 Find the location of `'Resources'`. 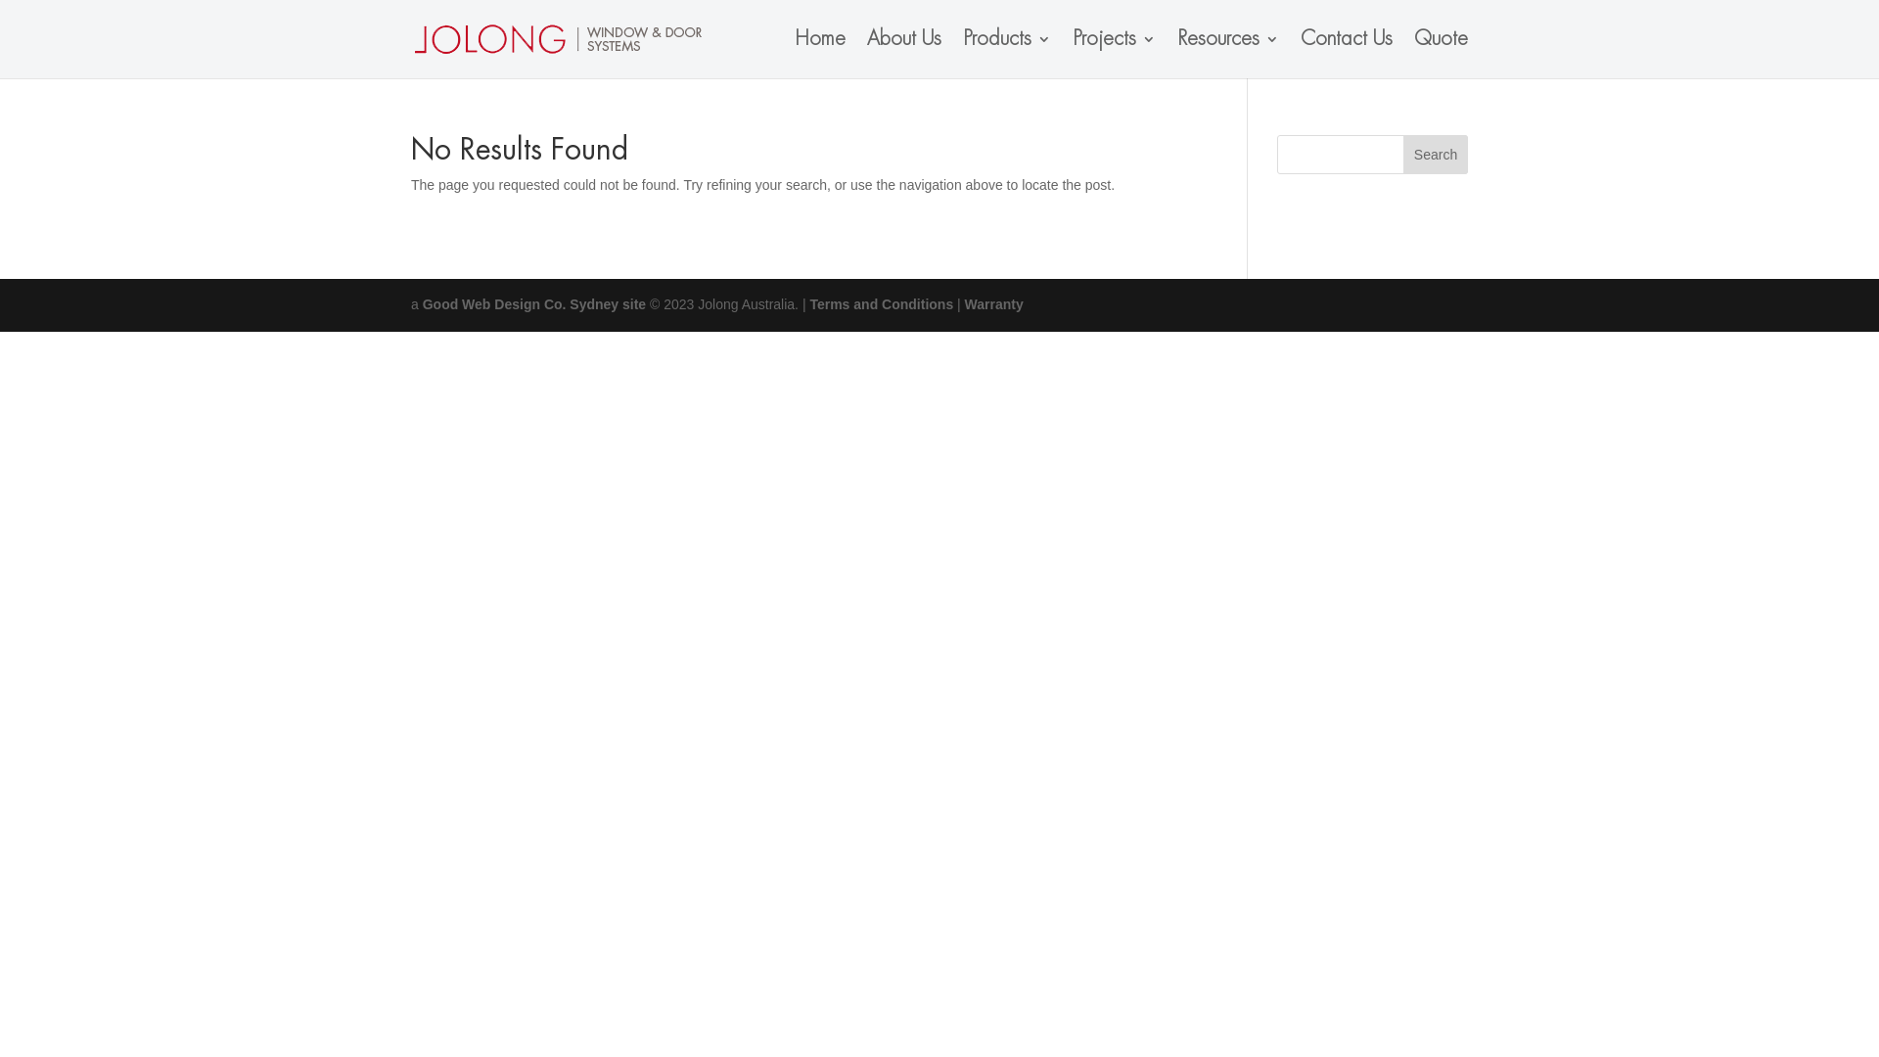

'Resources' is located at coordinates (1226, 54).